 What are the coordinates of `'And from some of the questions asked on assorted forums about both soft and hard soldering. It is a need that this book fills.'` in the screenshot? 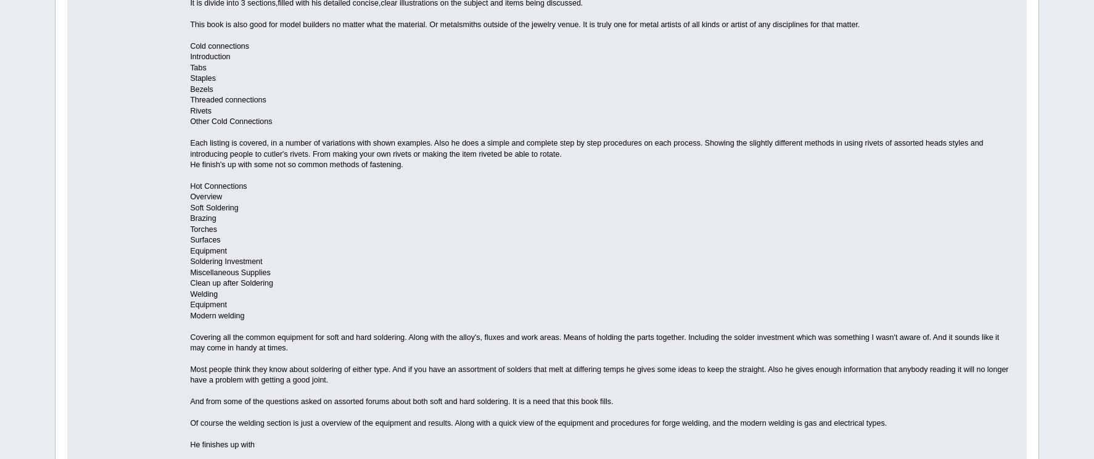 It's located at (401, 402).